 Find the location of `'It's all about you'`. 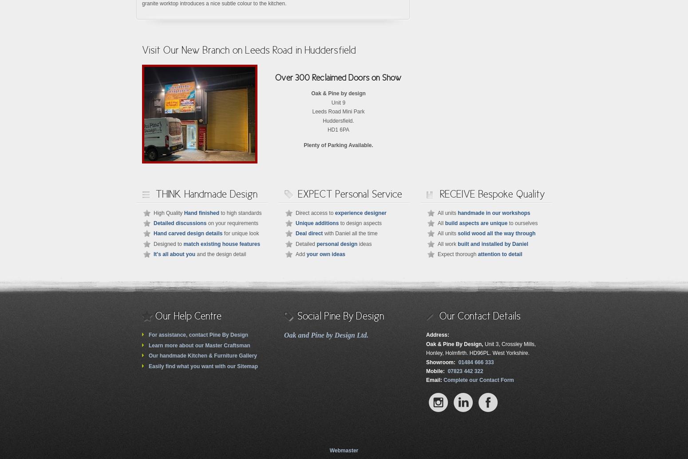

'It's all about you' is located at coordinates (174, 254).